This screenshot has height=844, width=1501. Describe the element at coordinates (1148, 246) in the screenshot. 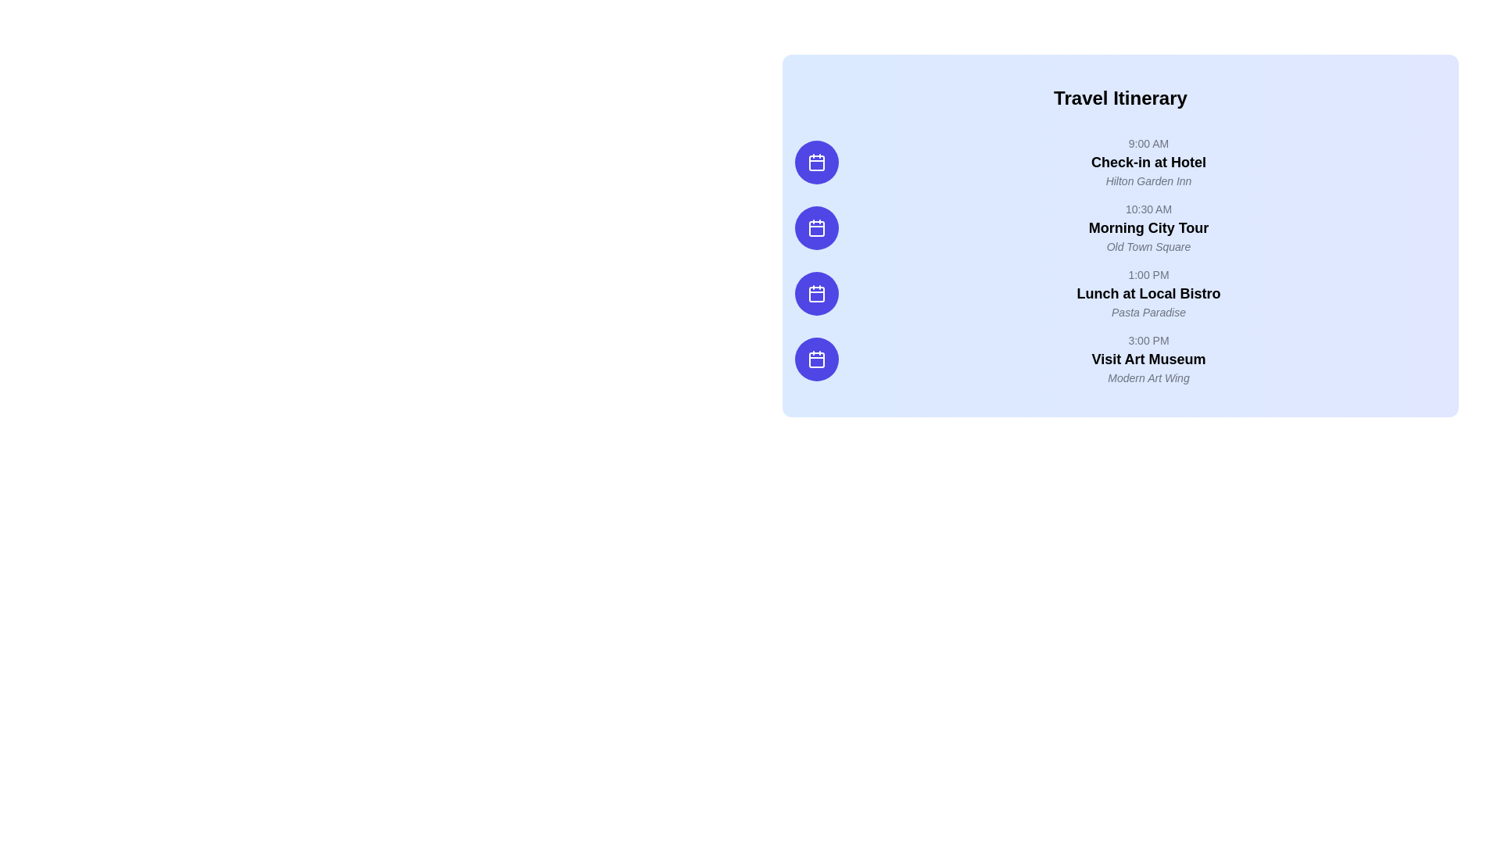

I see `the text label providing additional details for the 'Morning City Tour' itinerary item, which specifies the location 'Old Town Square'. This label is located beneath the main title 'Morning City Tour'` at that location.